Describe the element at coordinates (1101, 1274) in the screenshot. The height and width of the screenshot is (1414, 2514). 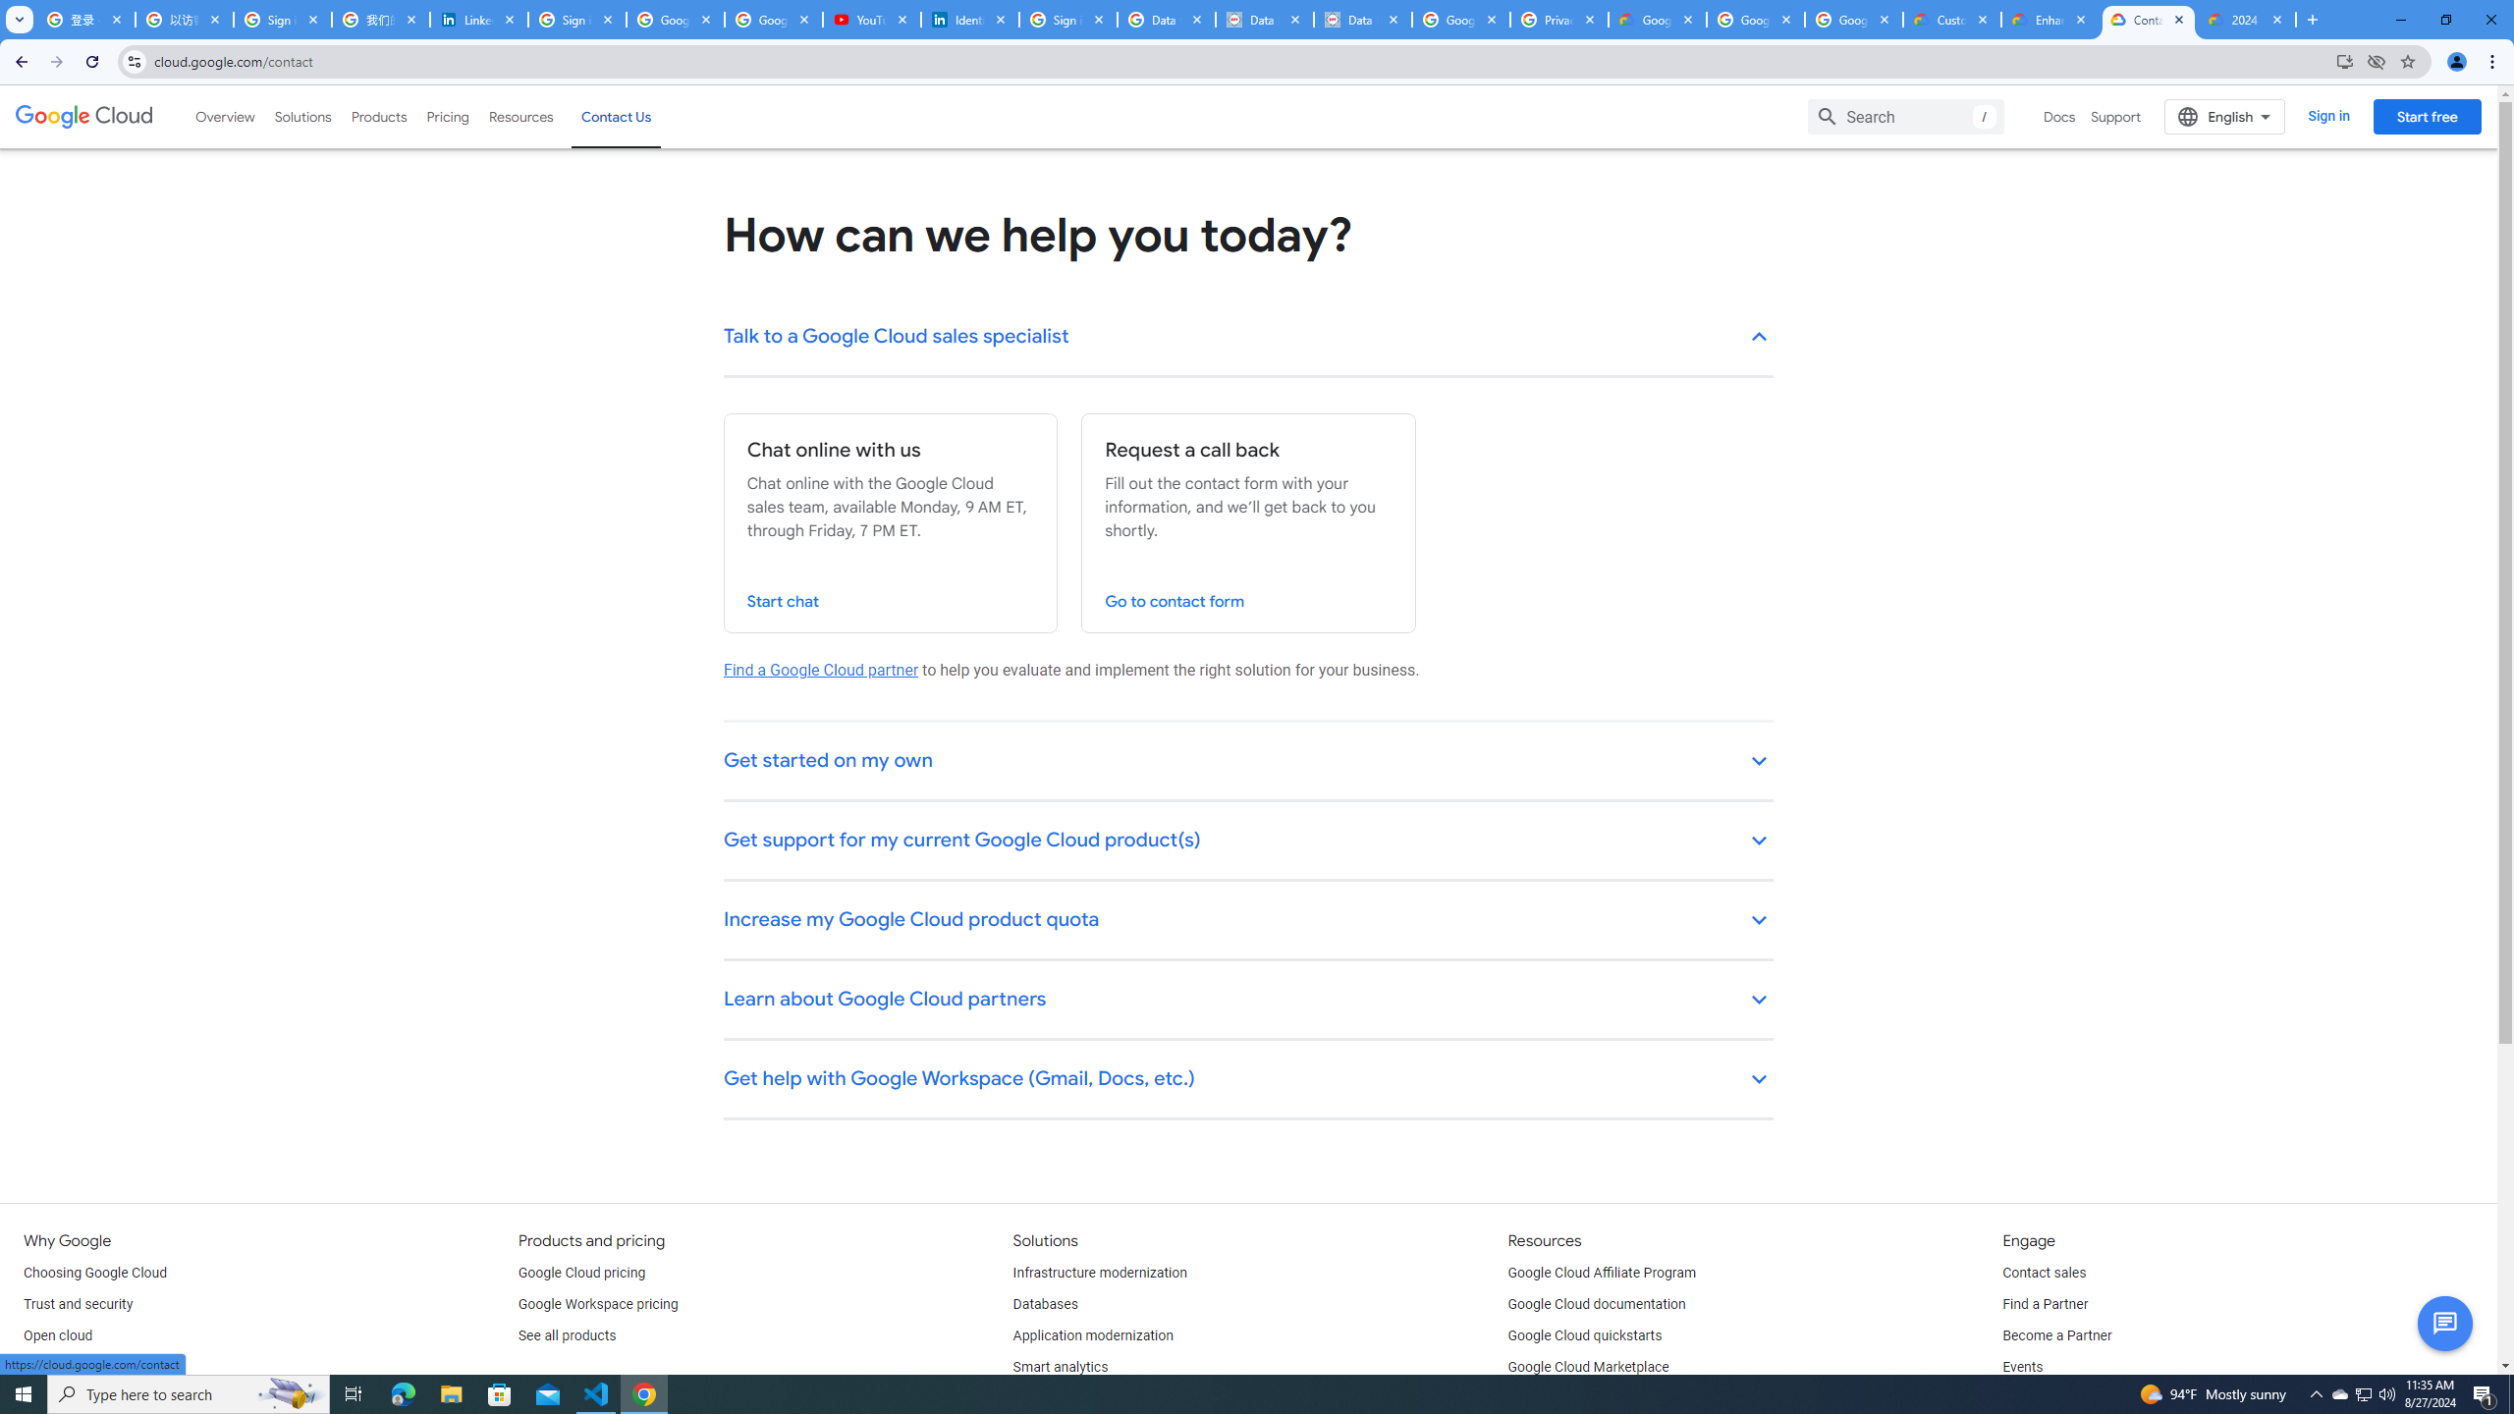
I see `'Infrastructure modernization'` at that location.